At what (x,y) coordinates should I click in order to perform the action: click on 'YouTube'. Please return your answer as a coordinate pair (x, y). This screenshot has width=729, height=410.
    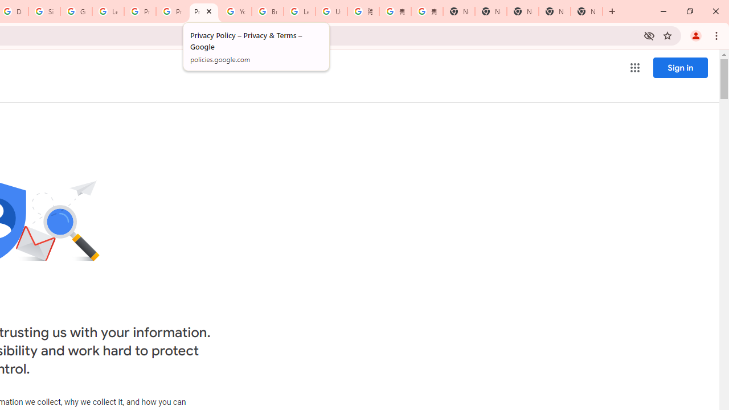
    Looking at the image, I should click on (235, 11).